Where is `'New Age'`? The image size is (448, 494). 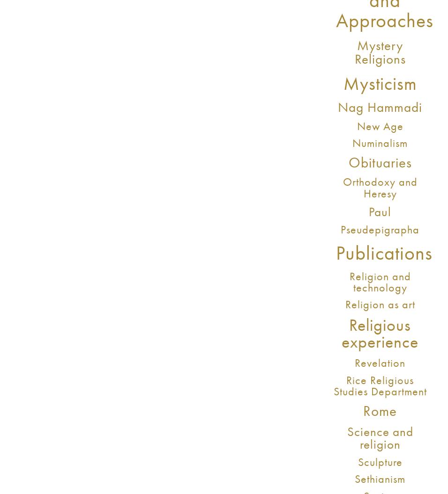 'New Age' is located at coordinates (379, 126).